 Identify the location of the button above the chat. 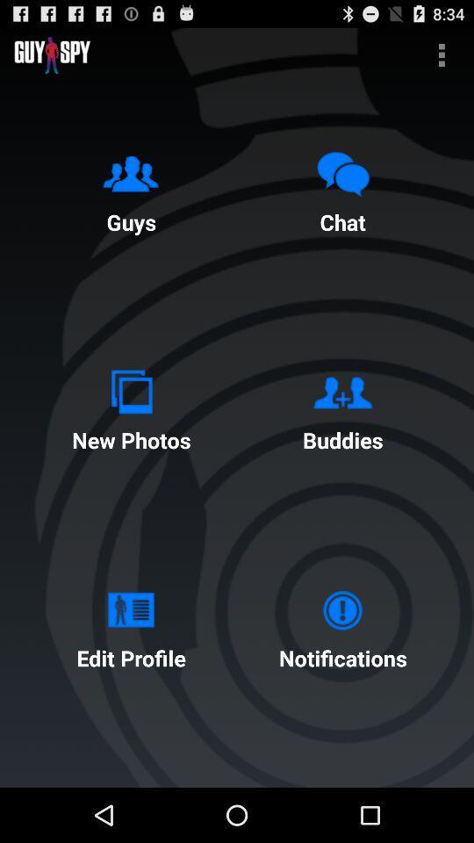
(441, 54).